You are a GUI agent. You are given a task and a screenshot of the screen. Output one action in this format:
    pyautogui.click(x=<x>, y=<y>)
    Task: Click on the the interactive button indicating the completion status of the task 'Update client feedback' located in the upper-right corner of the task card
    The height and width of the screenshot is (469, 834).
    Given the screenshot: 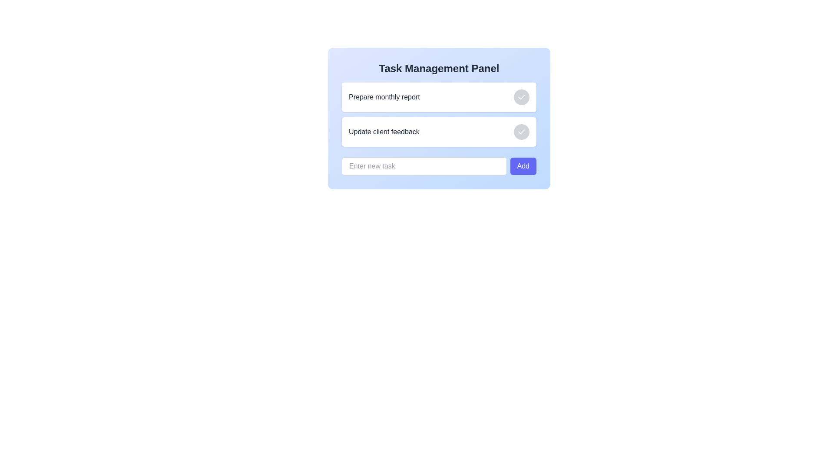 What is the action you would take?
    pyautogui.click(x=521, y=132)
    